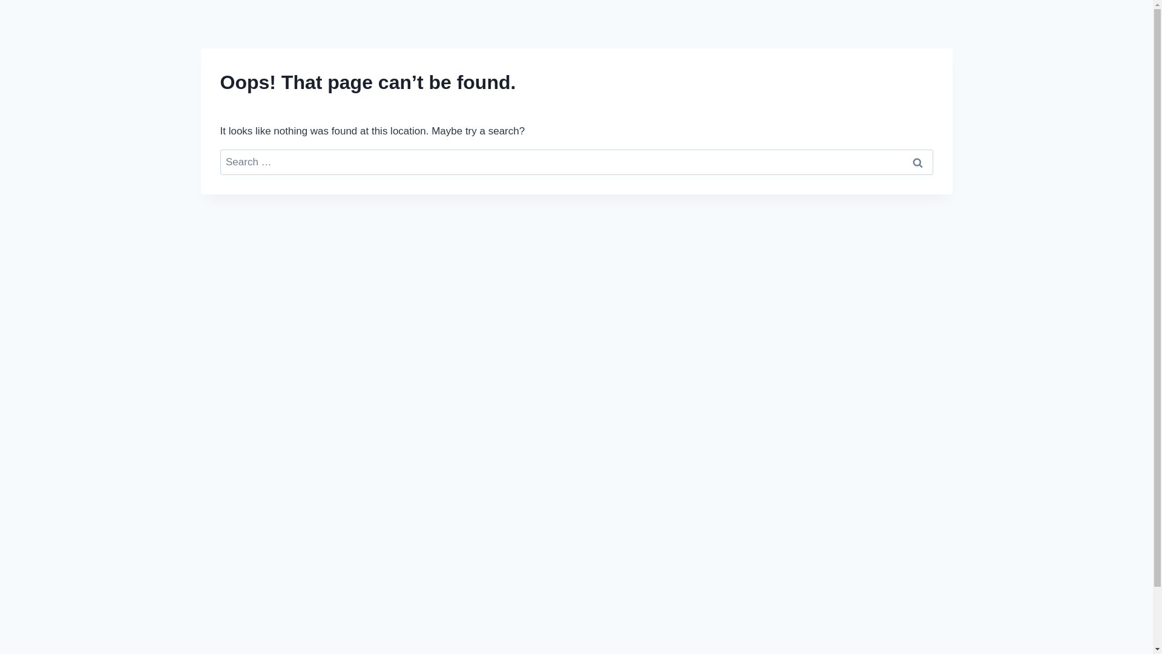  What do you see at coordinates (917, 162) in the screenshot?
I see `'Search'` at bounding box center [917, 162].